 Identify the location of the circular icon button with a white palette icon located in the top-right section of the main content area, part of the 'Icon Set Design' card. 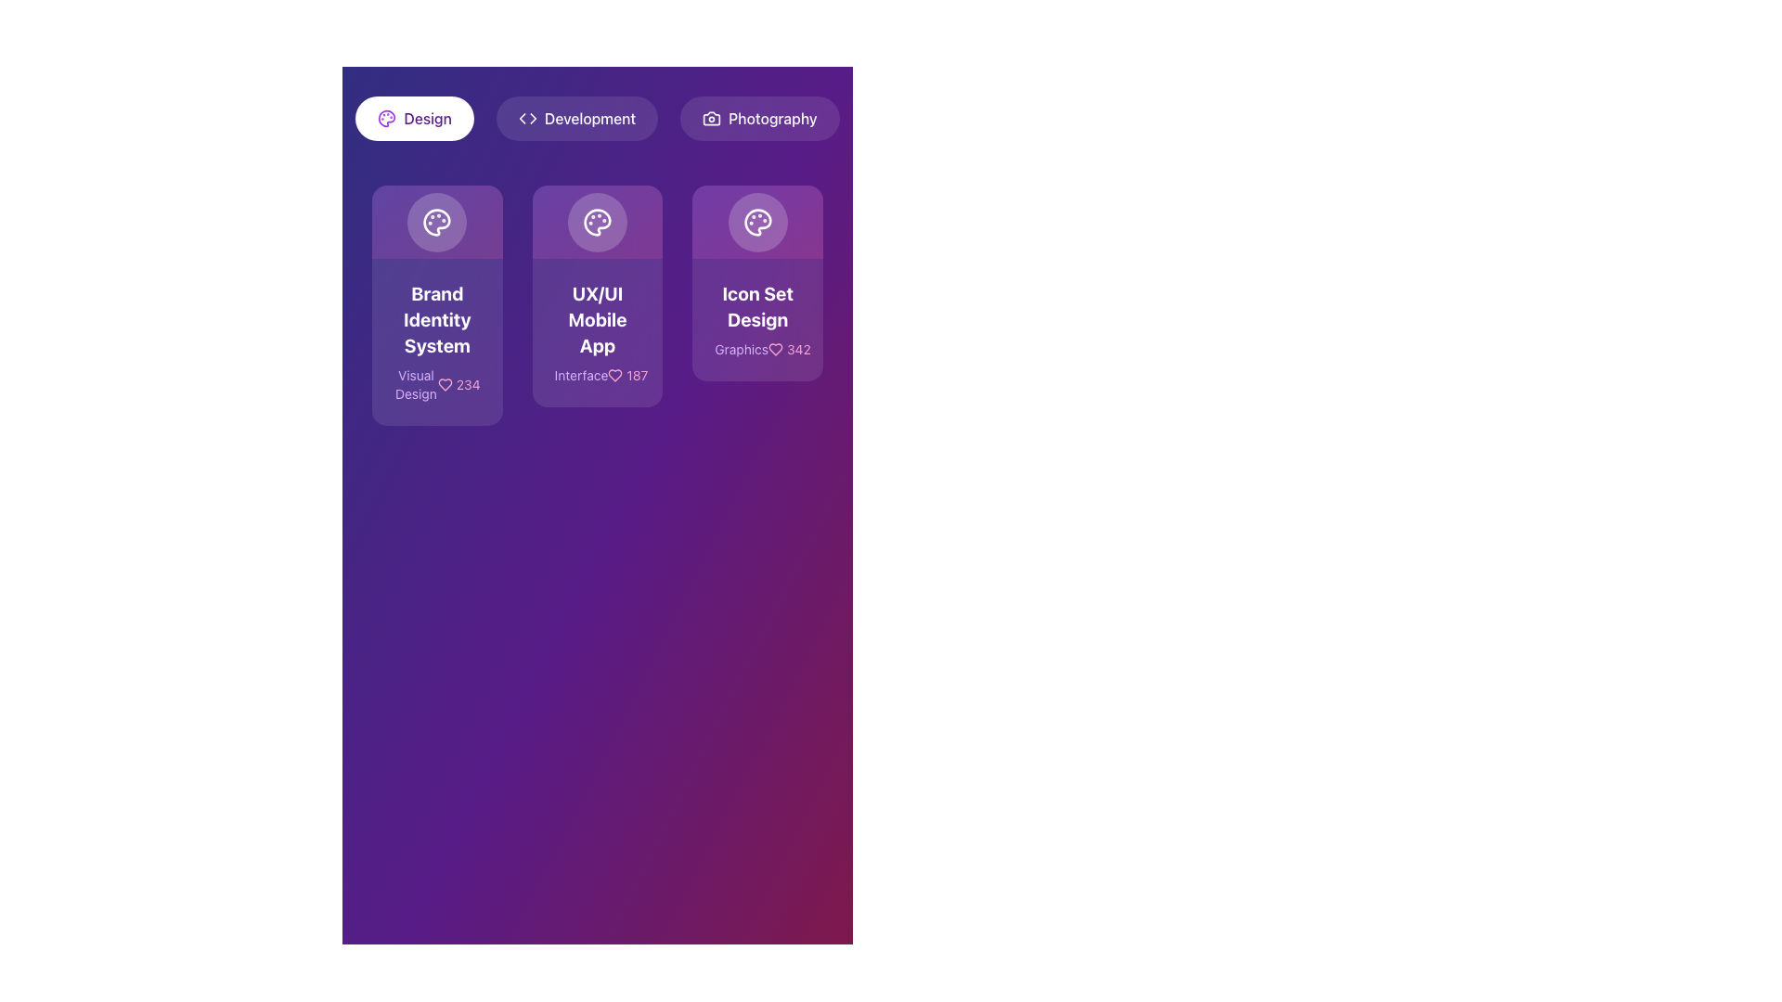
(757, 221).